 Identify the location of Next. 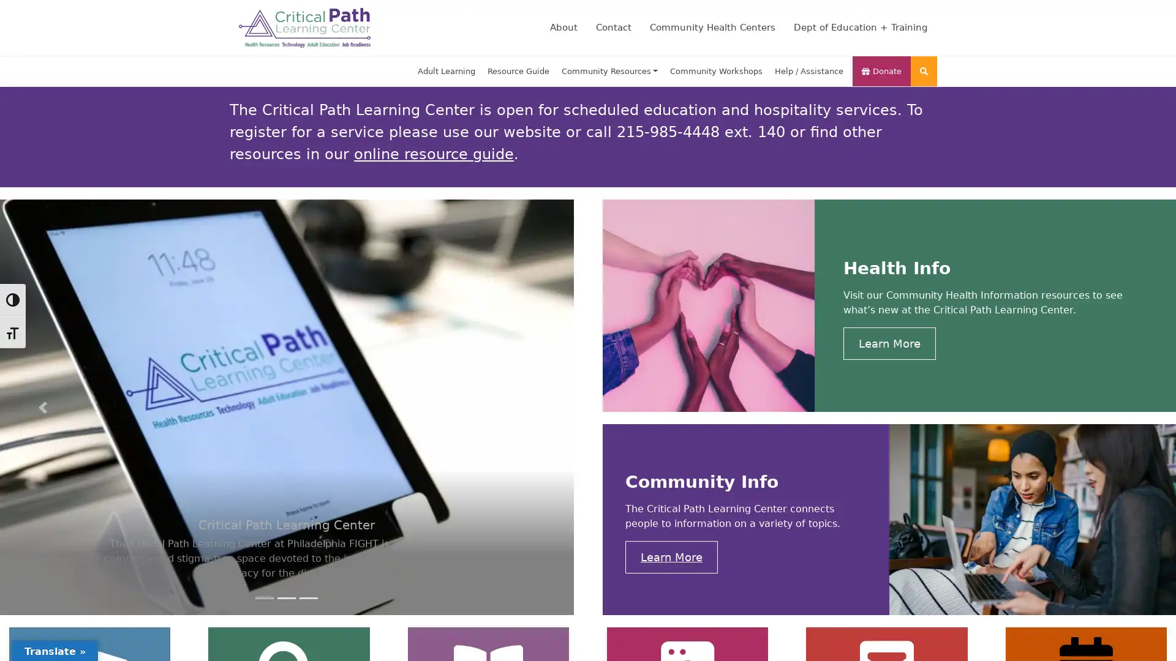
(530, 407).